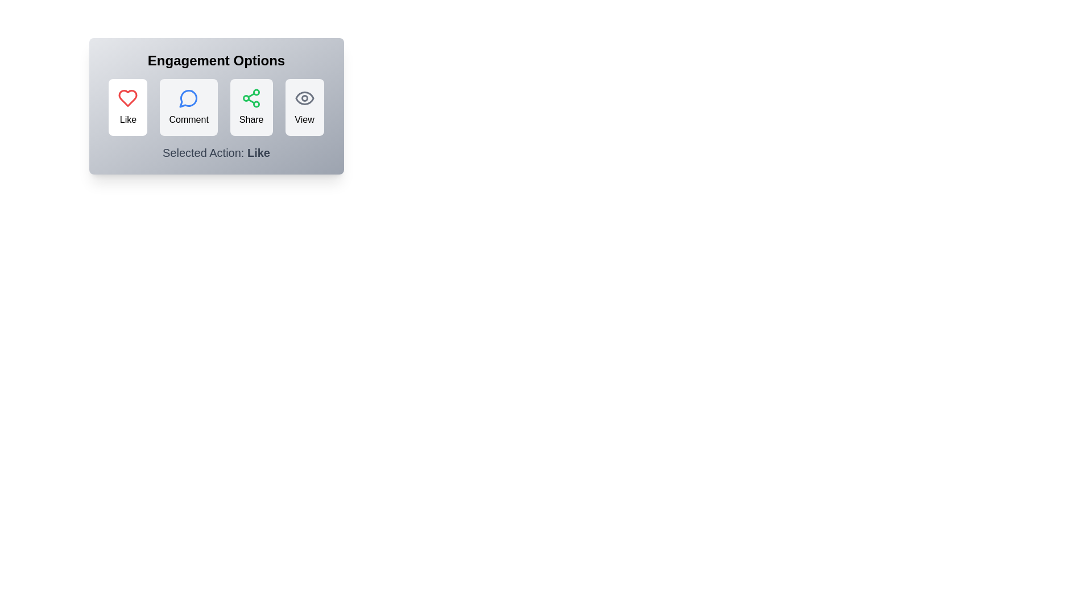 This screenshot has height=614, width=1092. Describe the element at coordinates (128, 107) in the screenshot. I see `the Like button to see its hover effect` at that location.